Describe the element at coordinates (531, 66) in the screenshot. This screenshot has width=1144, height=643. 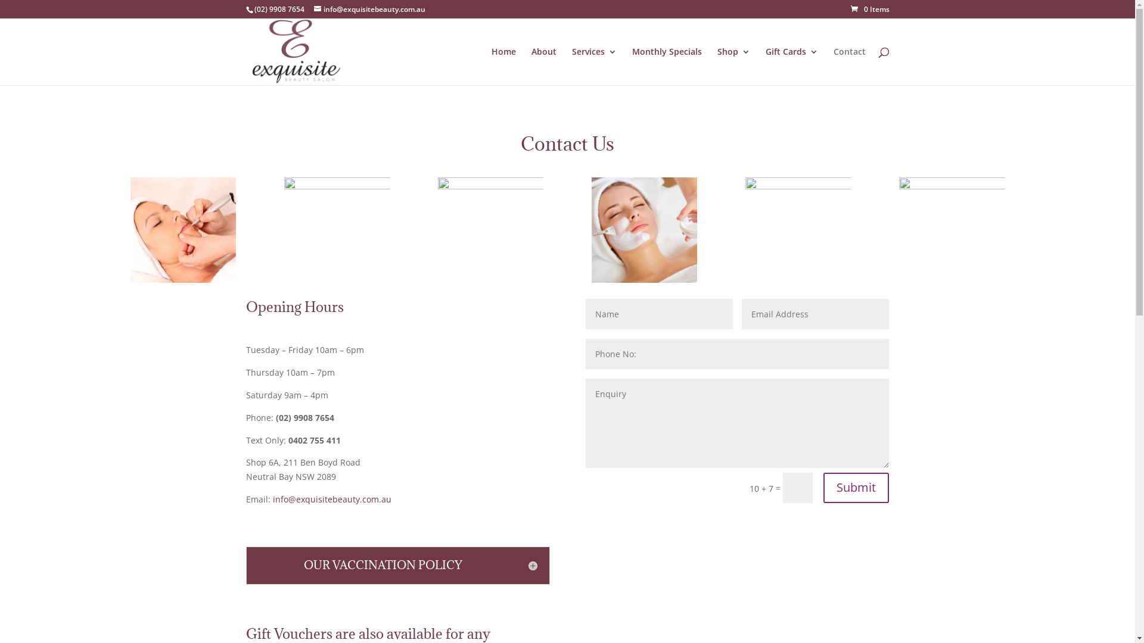
I see `'About'` at that location.